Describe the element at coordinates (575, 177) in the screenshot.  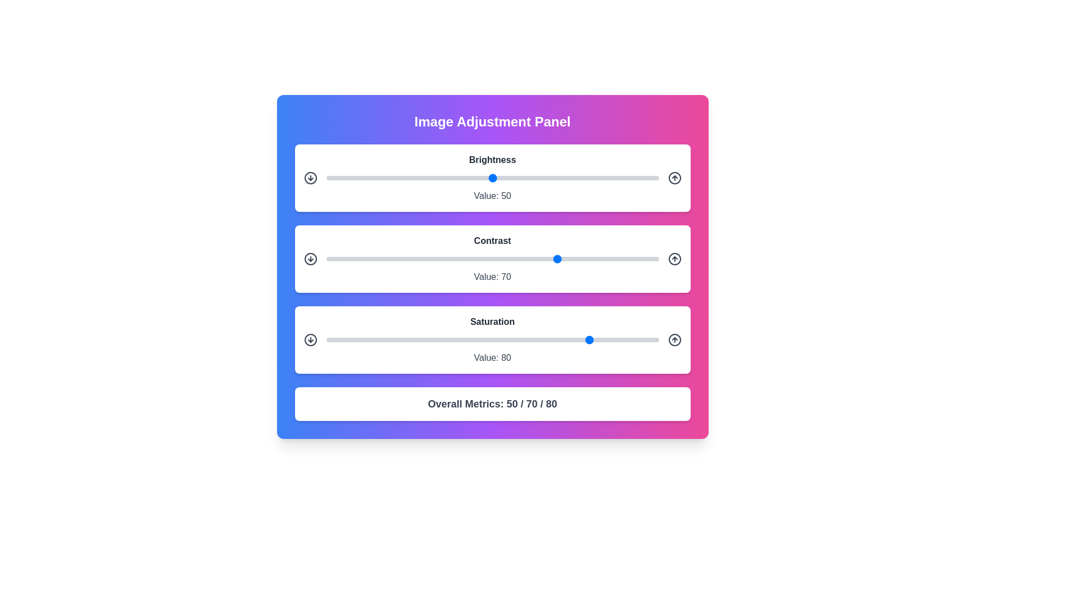
I see `brightness` at that location.